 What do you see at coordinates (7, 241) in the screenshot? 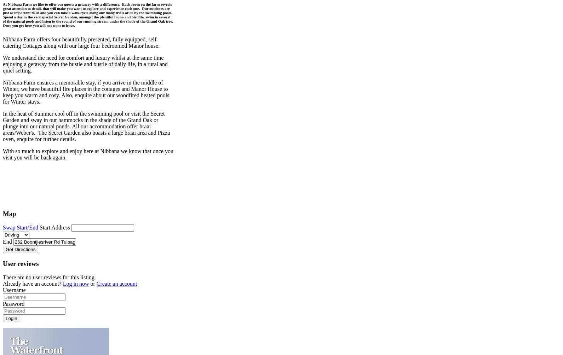
I see `'End'` at bounding box center [7, 241].